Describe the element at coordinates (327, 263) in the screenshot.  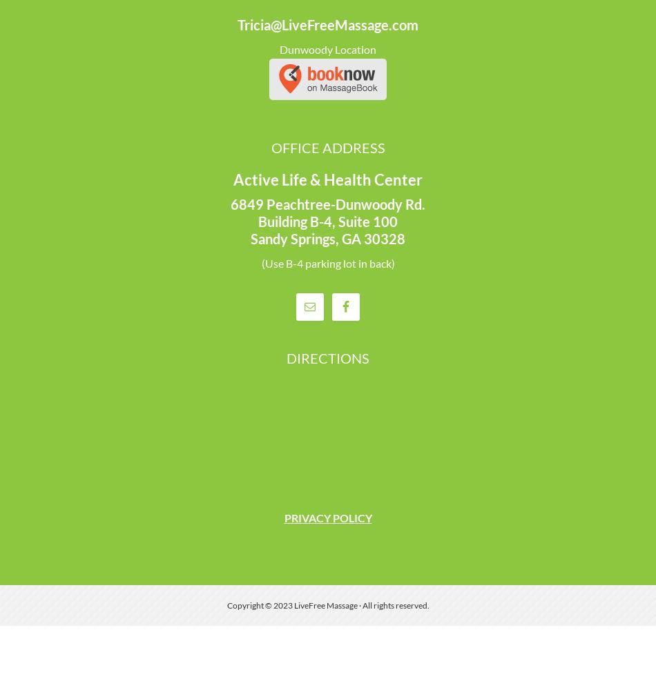
I see `'(Use B-4 parking lot in back)'` at that location.